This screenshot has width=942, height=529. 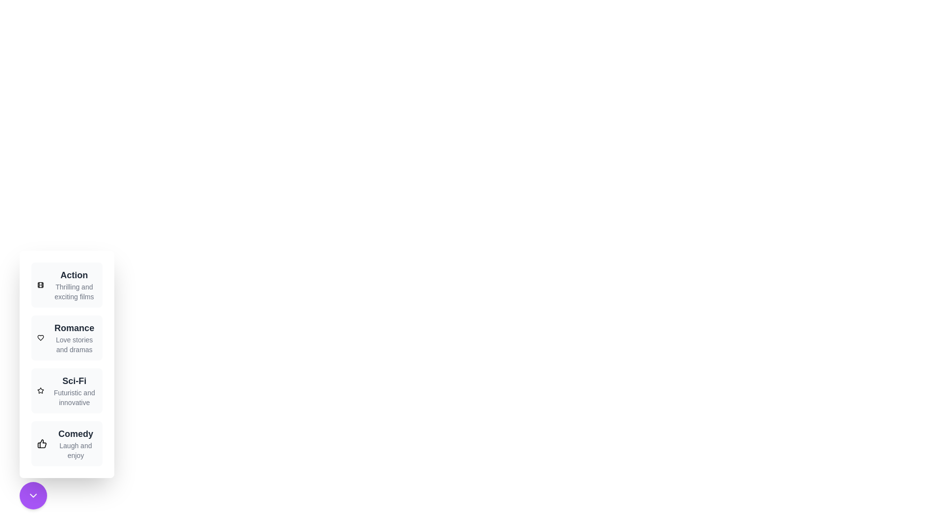 What do you see at coordinates (66, 285) in the screenshot?
I see `the genre Action to view its details` at bounding box center [66, 285].